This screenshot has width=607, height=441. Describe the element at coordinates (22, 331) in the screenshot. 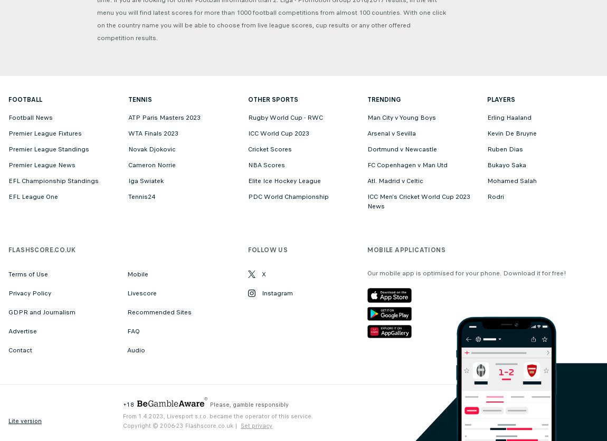

I see `'Advertise'` at that location.